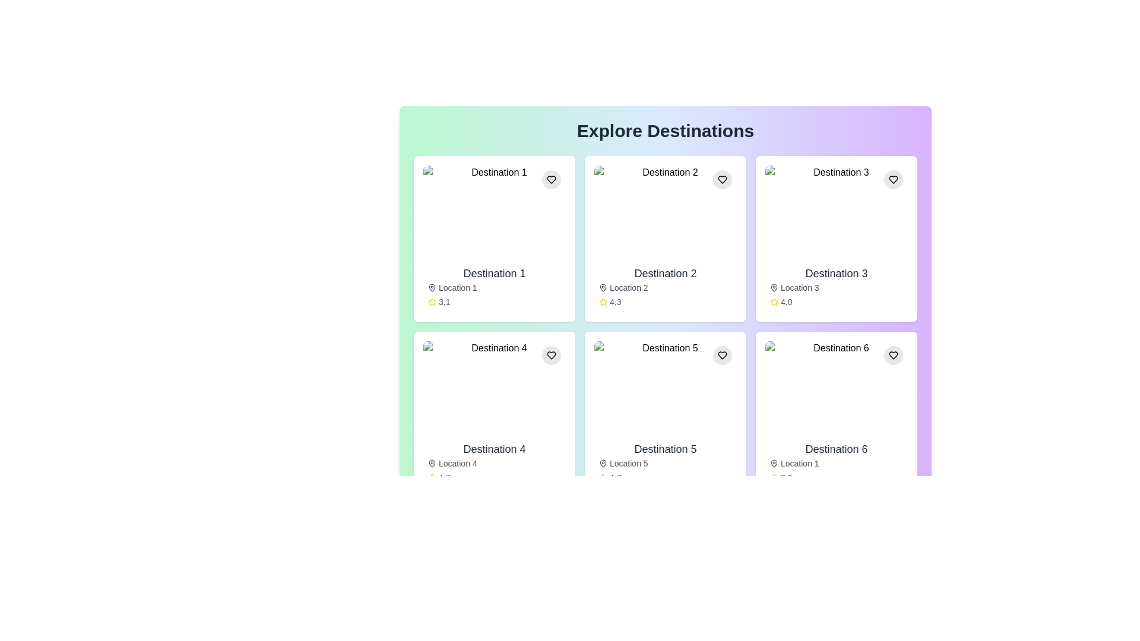  What do you see at coordinates (551, 354) in the screenshot?
I see `the favorite button located in the top-right corner of the card labeled 'Destination 4' to observe any hover-specific effects` at bounding box center [551, 354].